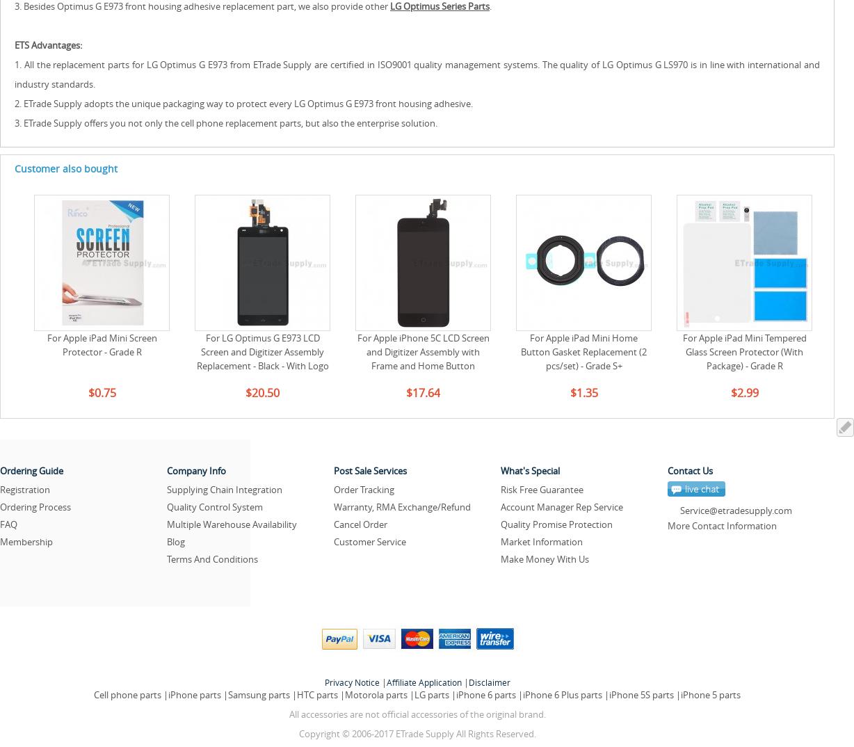 This screenshot has height=747, width=854. Describe the element at coordinates (259, 694) in the screenshot. I see `'Samsung parts'` at that location.